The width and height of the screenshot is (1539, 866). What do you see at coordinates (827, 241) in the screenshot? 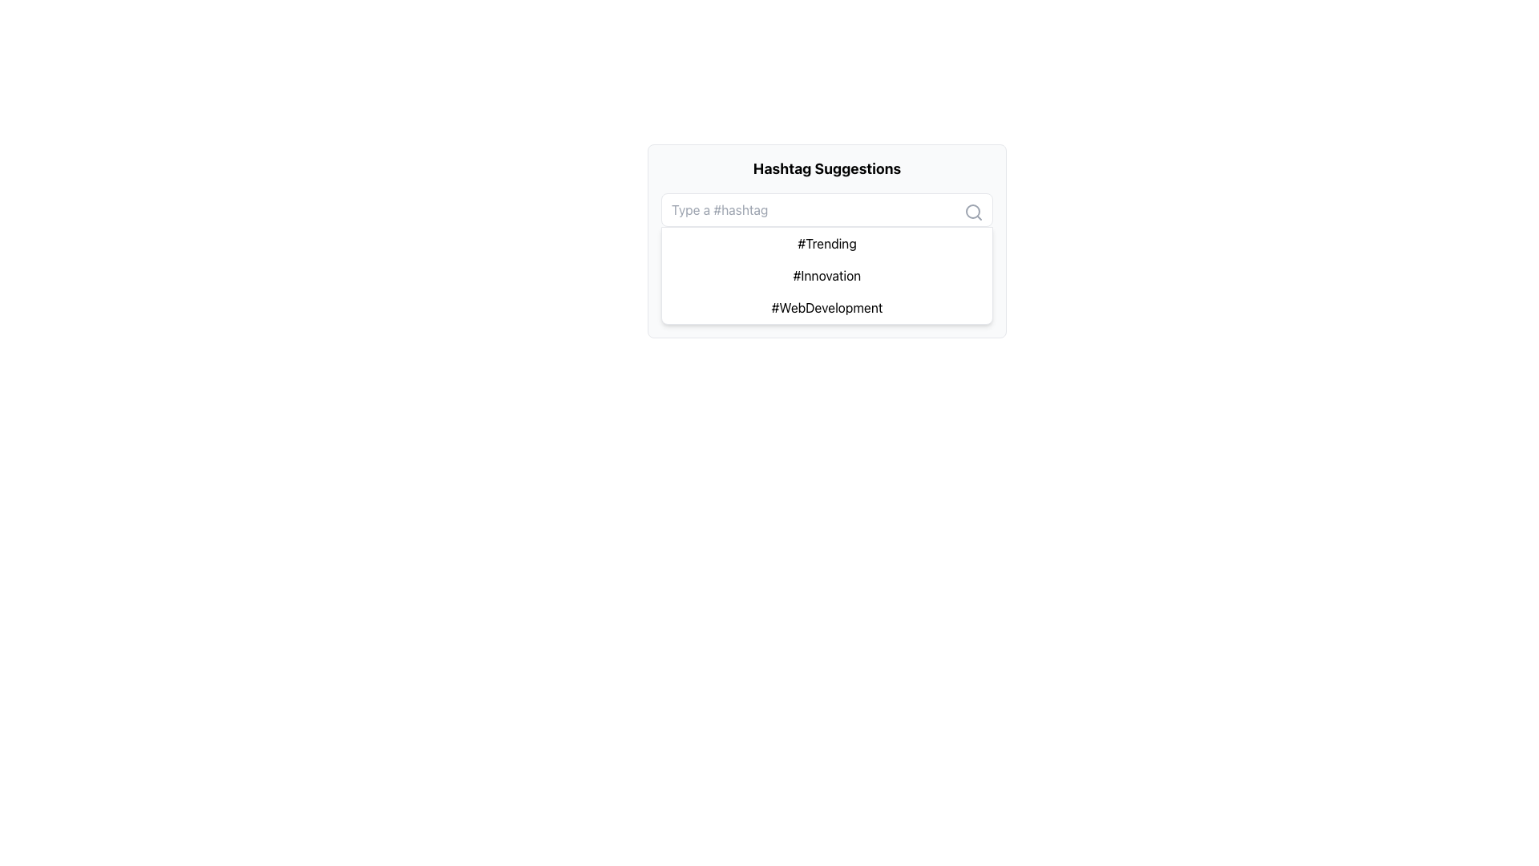
I see `the hashtag suggestion entry labeled '#Trending'` at bounding box center [827, 241].